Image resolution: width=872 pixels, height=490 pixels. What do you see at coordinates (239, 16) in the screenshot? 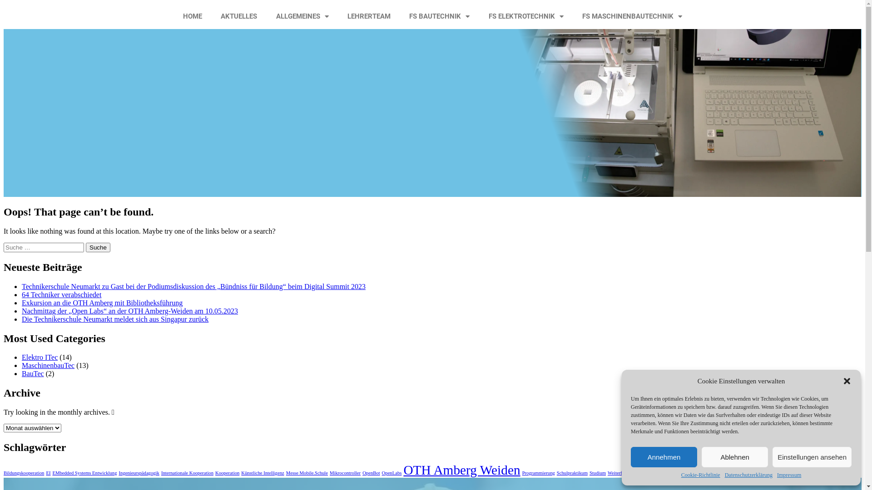
I see `'AKTUELLES'` at bounding box center [239, 16].